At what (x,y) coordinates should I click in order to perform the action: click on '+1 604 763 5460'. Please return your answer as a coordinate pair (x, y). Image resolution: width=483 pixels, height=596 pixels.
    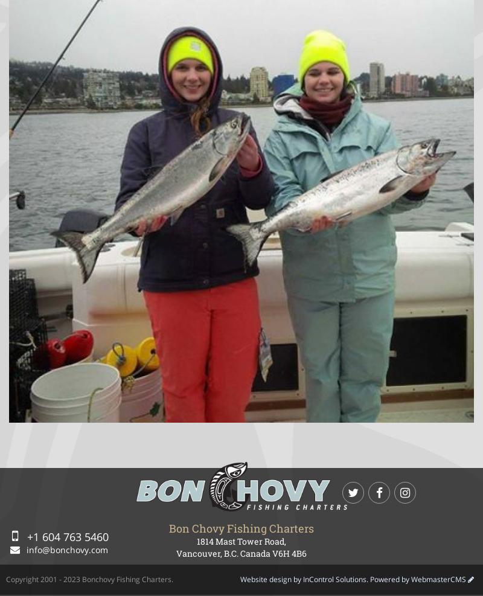
    Looking at the image, I should click on (66, 536).